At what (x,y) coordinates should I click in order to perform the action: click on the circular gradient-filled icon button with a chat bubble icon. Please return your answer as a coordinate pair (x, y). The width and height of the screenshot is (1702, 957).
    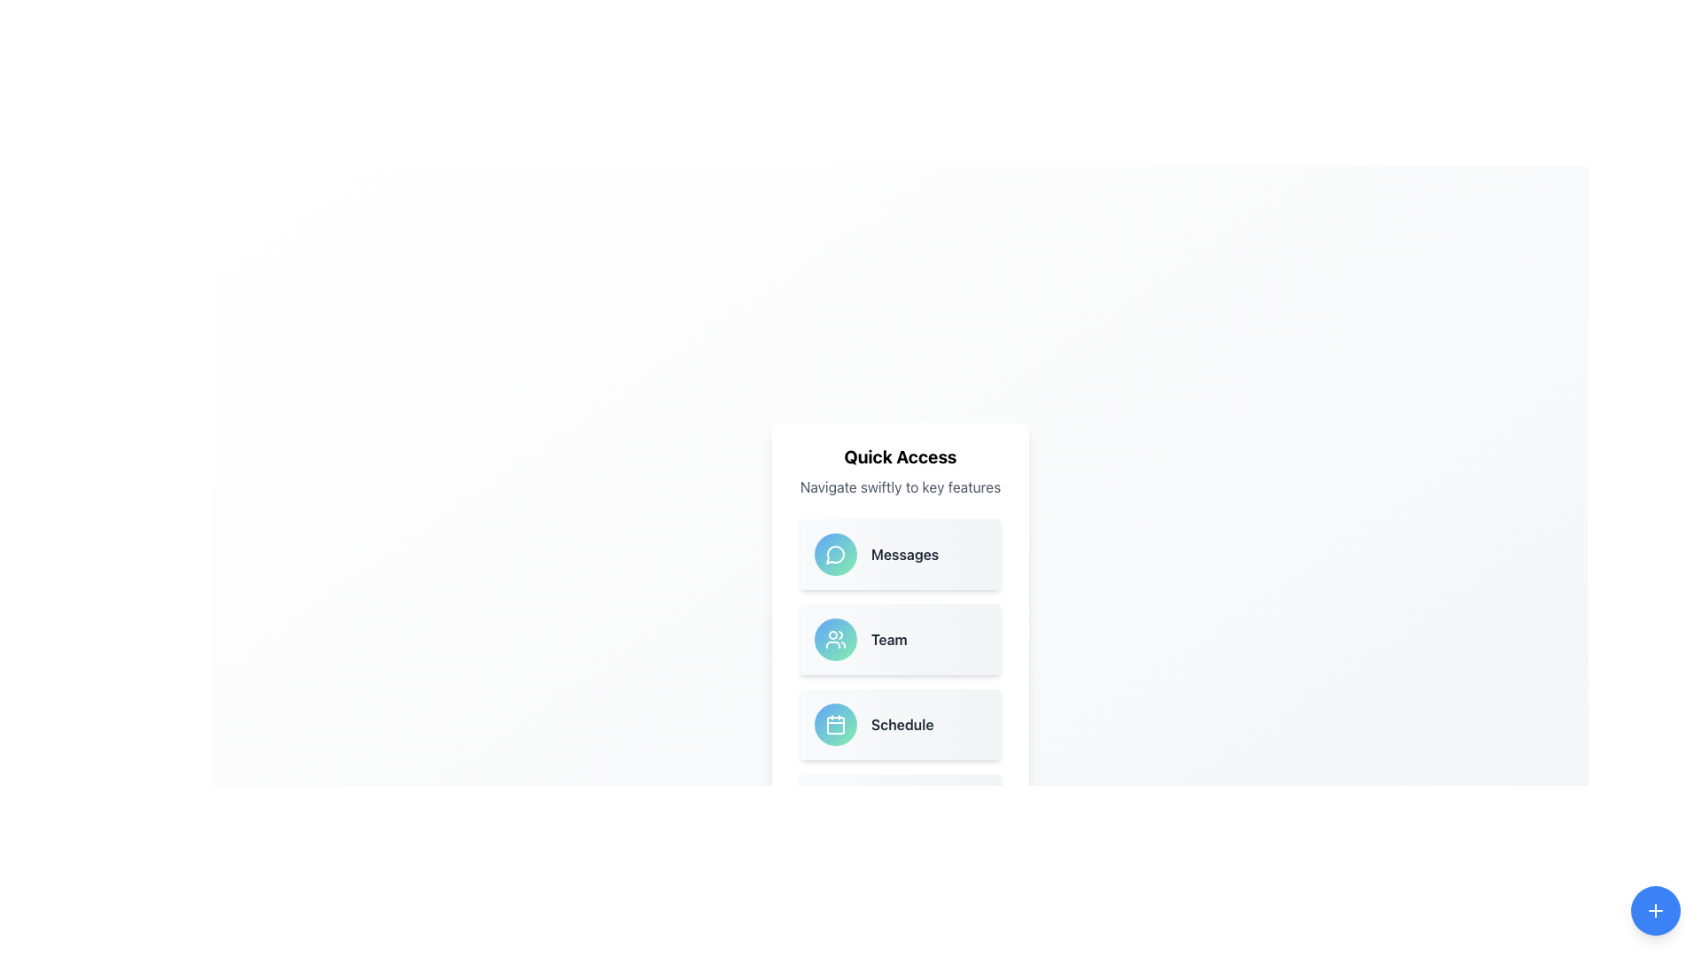
    Looking at the image, I should click on (834, 553).